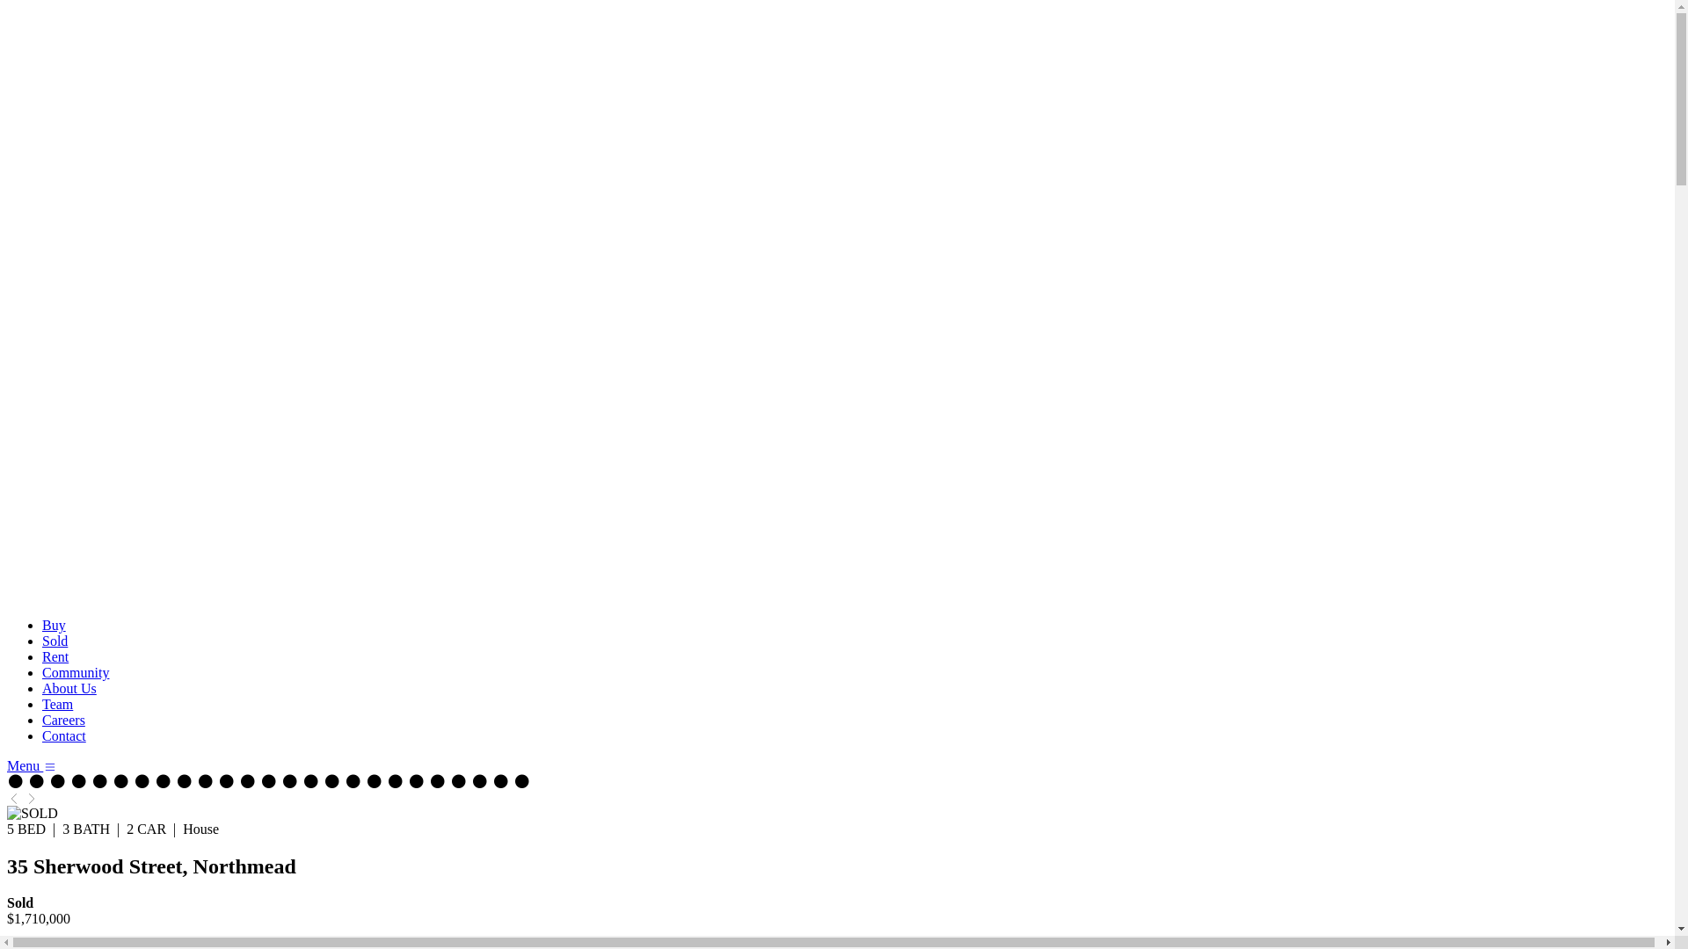 Image resolution: width=1688 pixels, height=949 pixels. What do you see at coordinates (31, 797) in the screenshot?
I see `'>'` at bounding box center [31, 797].